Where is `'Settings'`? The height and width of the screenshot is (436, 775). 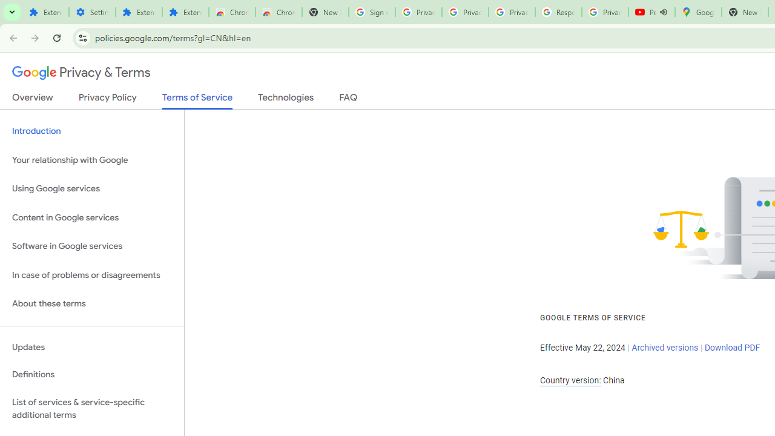
'Settings' is located at coordinates (91, 12).